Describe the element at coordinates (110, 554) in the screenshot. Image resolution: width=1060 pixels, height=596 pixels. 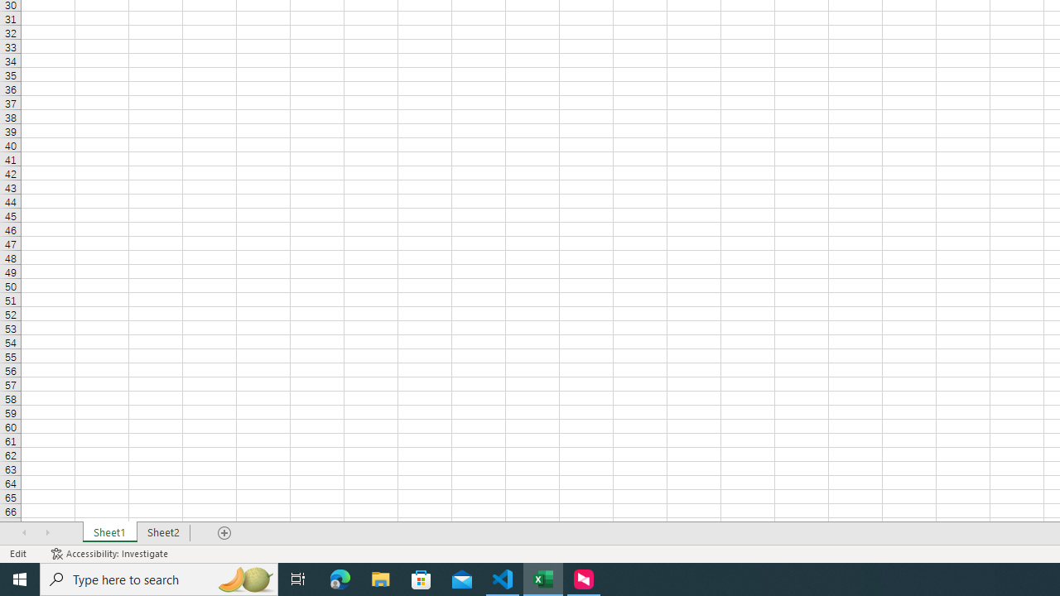
I see `'Accessibility Checker Accessibility: Investigate'` at that location.